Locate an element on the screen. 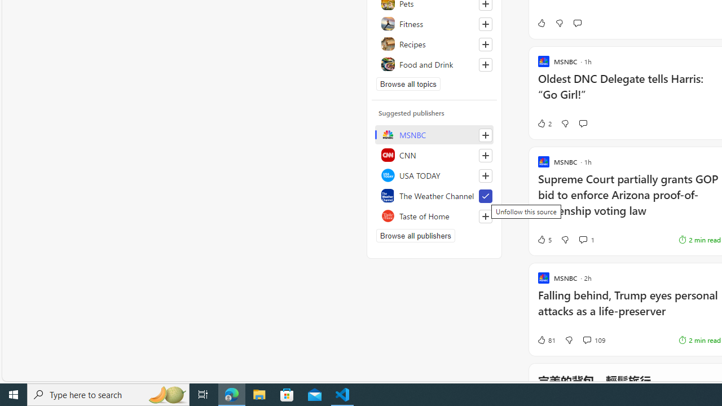 The height and width of the screenshot is (406, 722). 'The Weather Channel' is located at coordinates (434, 195).